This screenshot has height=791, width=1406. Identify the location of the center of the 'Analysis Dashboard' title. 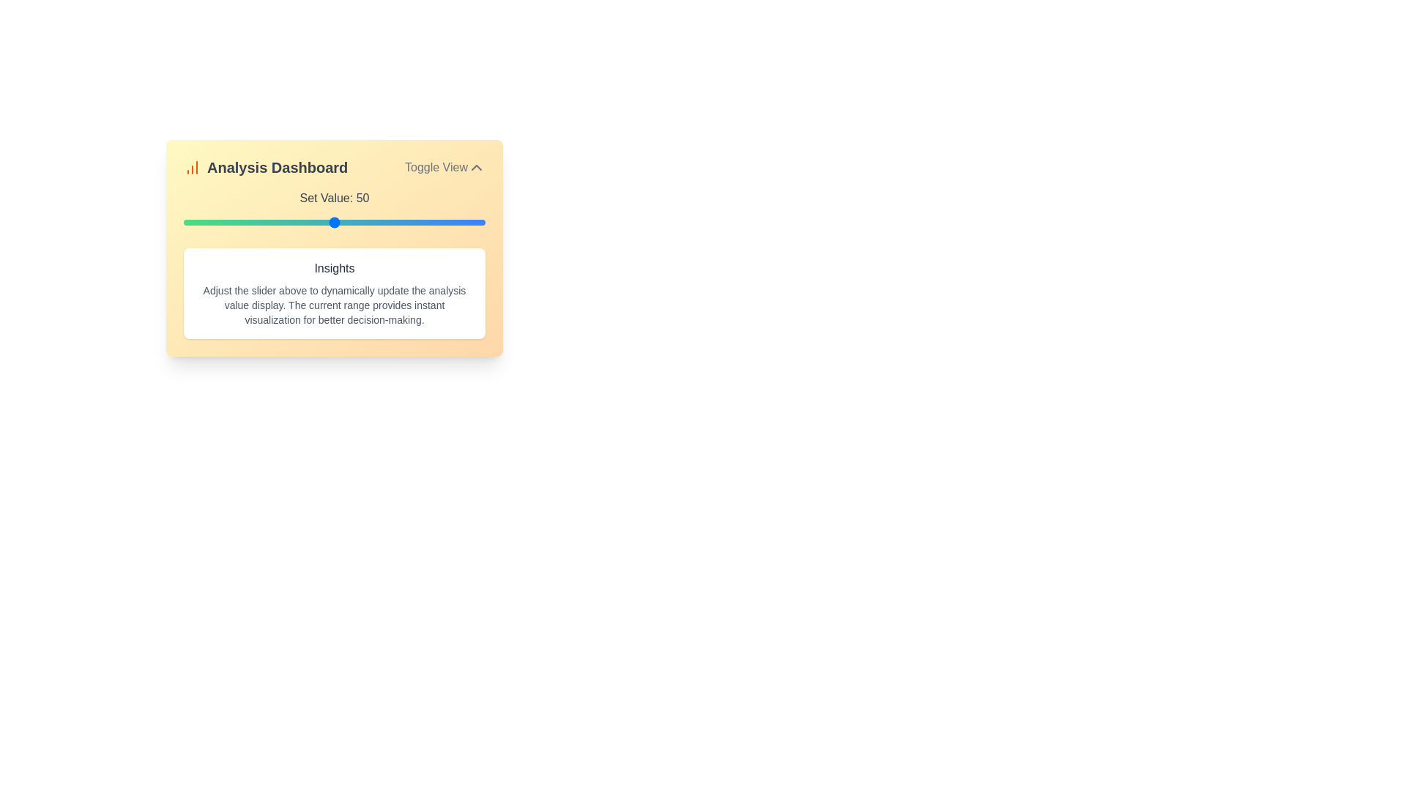
(266, 166).